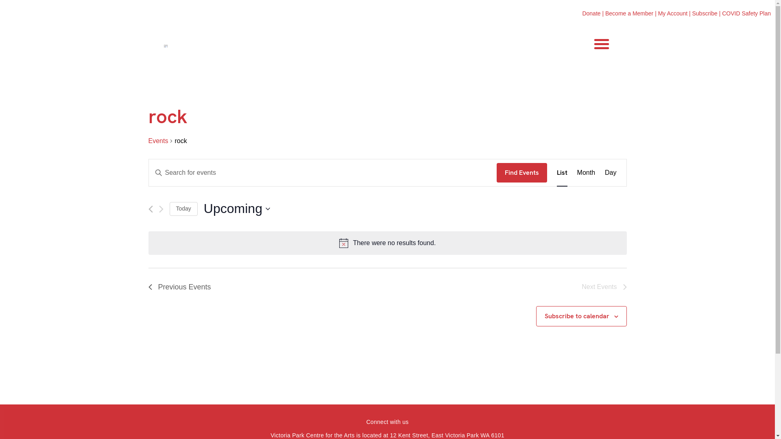 The height and width of the screenshot is (439, 781). What do you see at coordinates (521, 172) in the screenshot?
I see `'Find Events'` at bounding box center [521, 172].